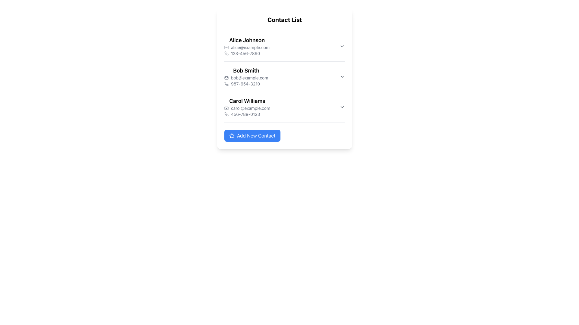 The image size is (579, 325). What do you see at coordinates (247, 46) in the screenshot?
I see `on the name 'Alice Johnson' in the Contact information section` at bounding box center [247, 46].